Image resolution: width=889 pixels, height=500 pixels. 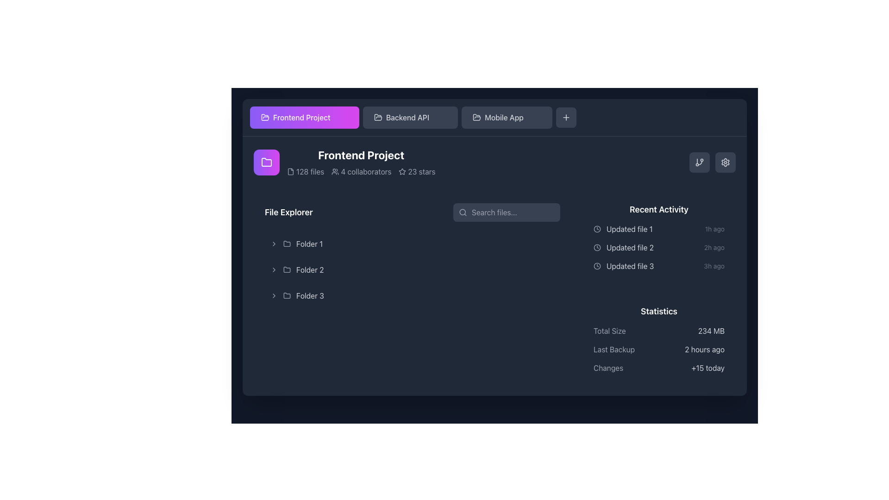 What do you see at coordinates (290, 171) in the screenshot?
I see `the file icon located prominently above the 'Frontend Project' label, represented by a purple icon in the upper-left corner of the interface` at bounding box center [290, 171].